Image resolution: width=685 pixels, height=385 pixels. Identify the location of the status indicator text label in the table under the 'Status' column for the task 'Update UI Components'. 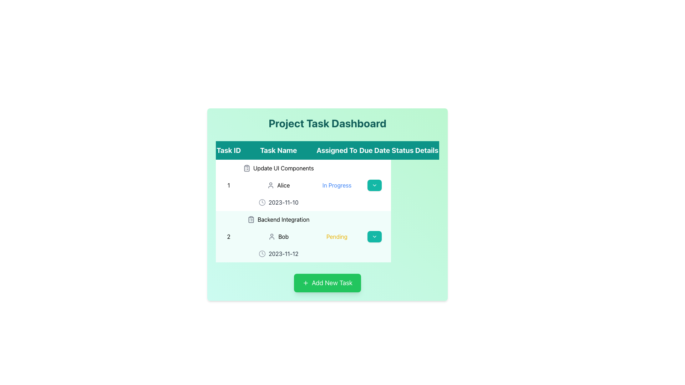
(336, 185).